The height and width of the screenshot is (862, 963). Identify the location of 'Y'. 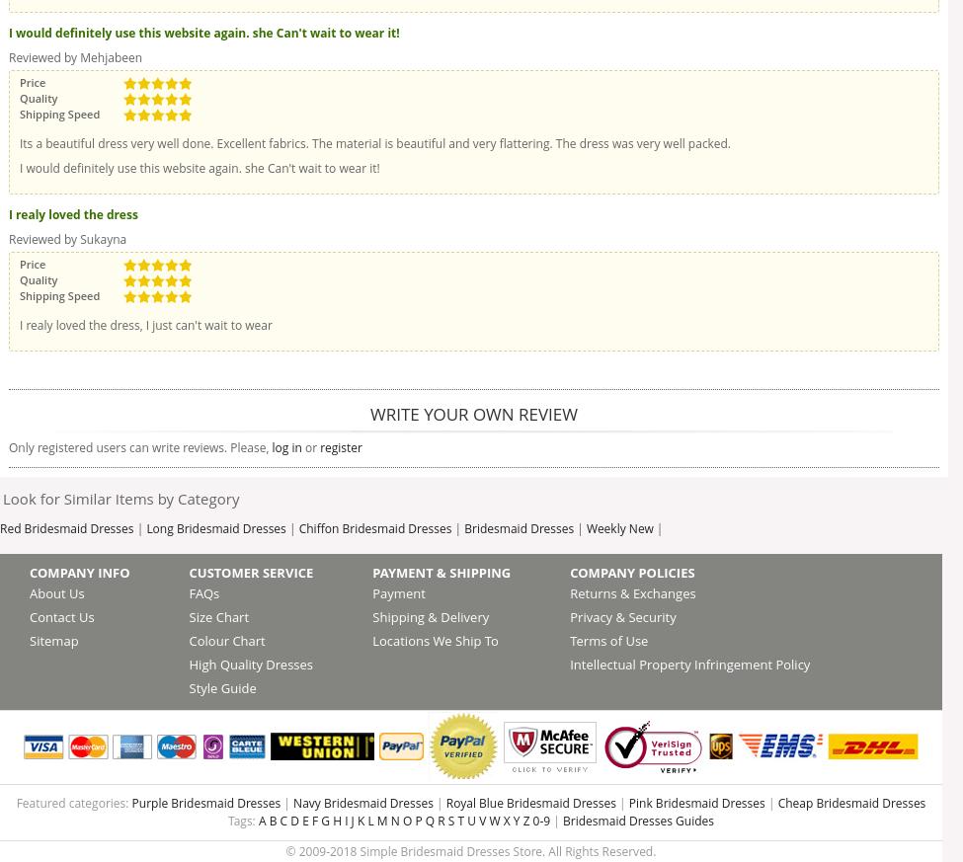
(515, 821).